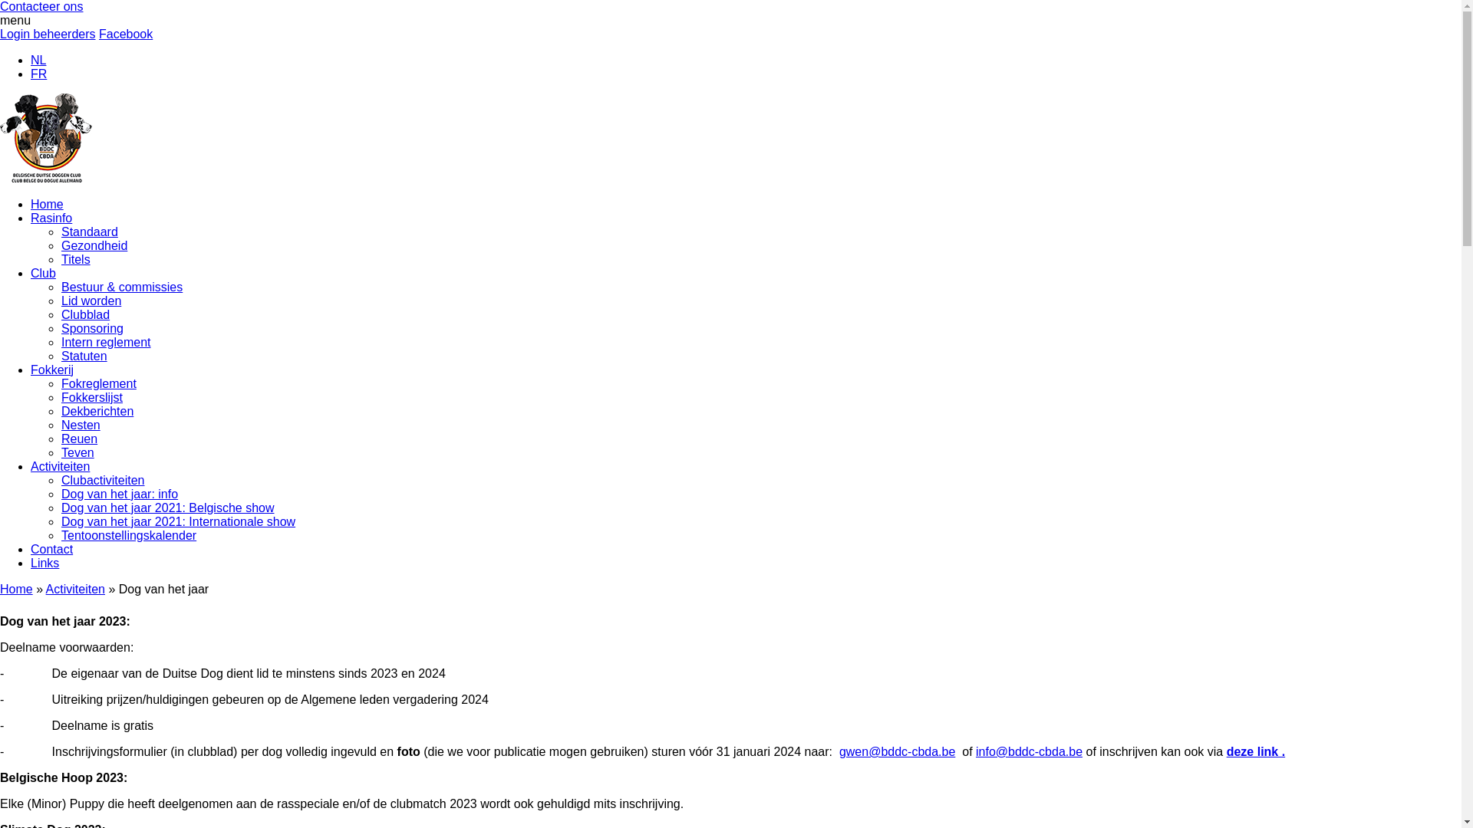  I want to click on 'Titels', so click(75, 258).